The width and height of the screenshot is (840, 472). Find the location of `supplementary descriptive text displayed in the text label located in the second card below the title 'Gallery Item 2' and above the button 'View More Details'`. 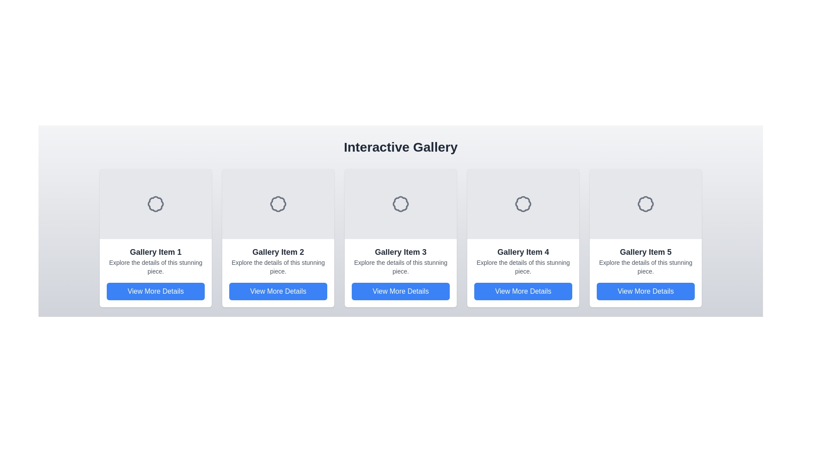

supplementary descriptive text displayed in the text label located in the second card below the title 'Gallery Item 2' and above the button 'View More Details' is located at coordinates (277, 266).